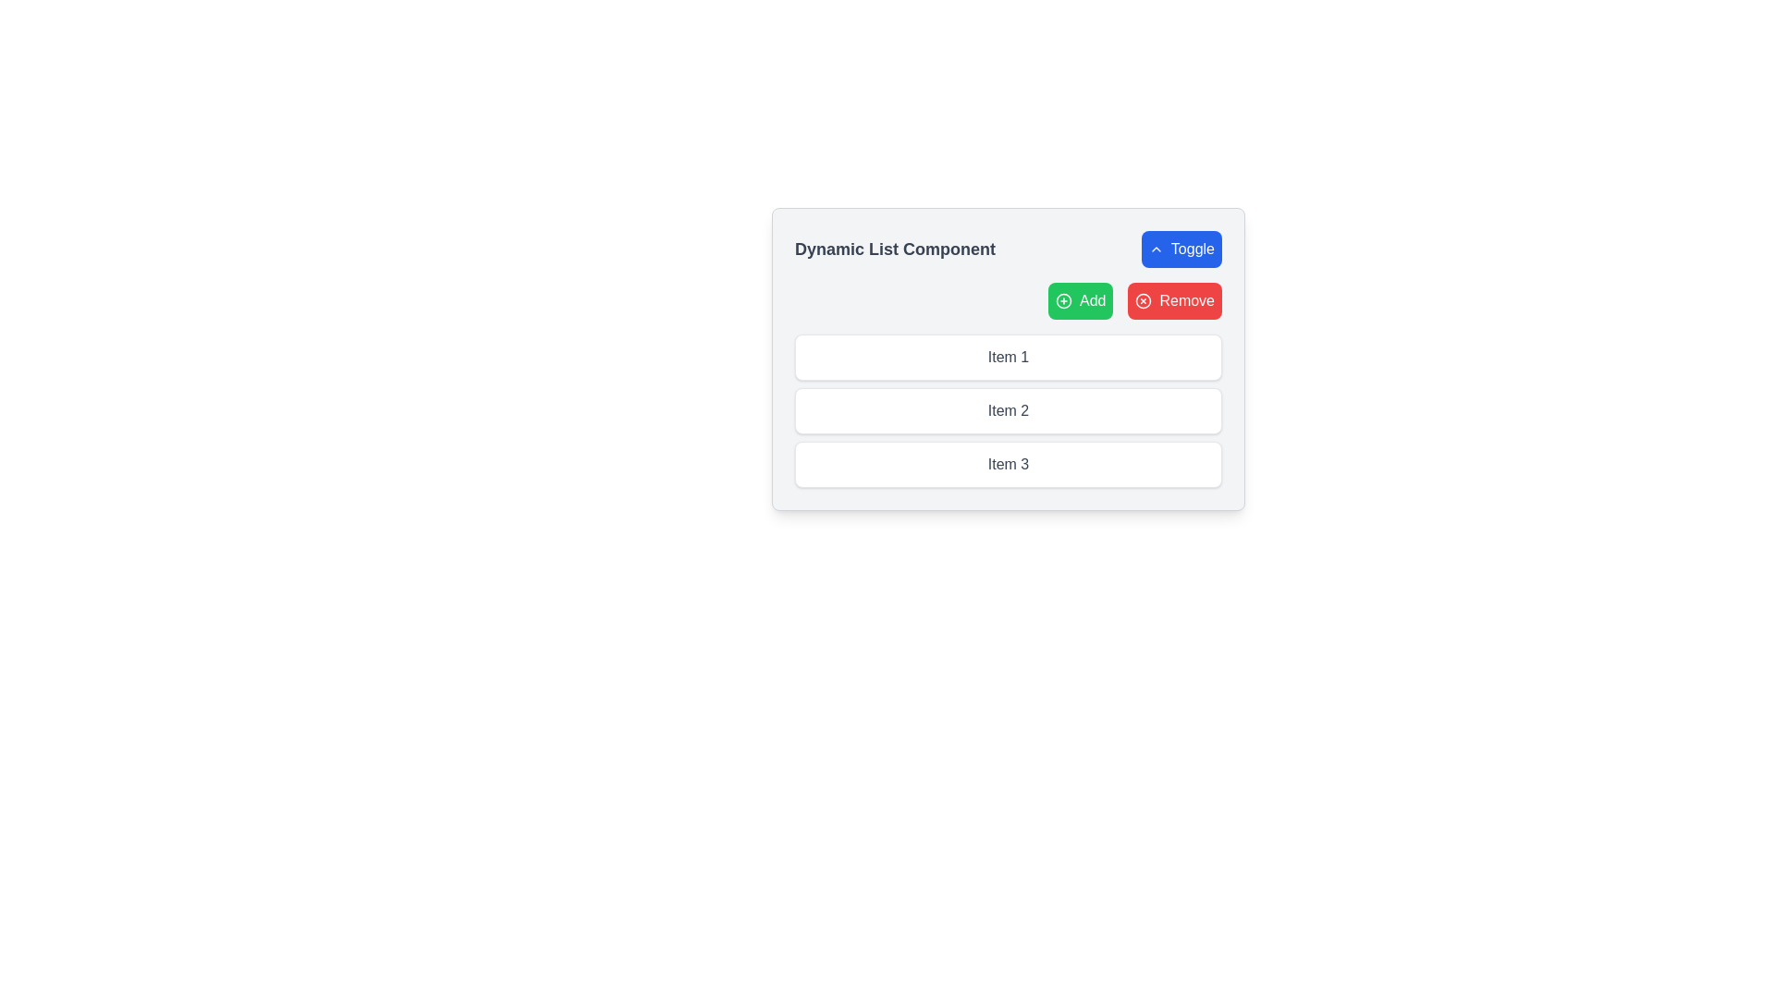  Describe the element at coordinates (1143, 300) in the screenshot. I see `the 'Remove' icon, which is positioned to the left of the text 'Remove' in the primary interface area under the heading 'Dynamic List Component'` at that location.